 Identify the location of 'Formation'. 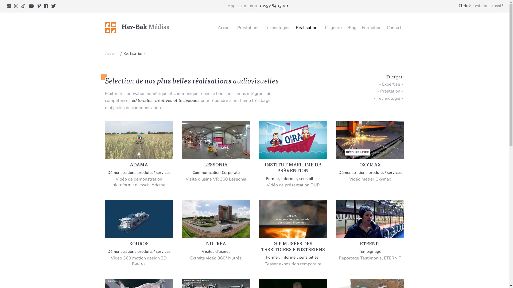
(371, 28).